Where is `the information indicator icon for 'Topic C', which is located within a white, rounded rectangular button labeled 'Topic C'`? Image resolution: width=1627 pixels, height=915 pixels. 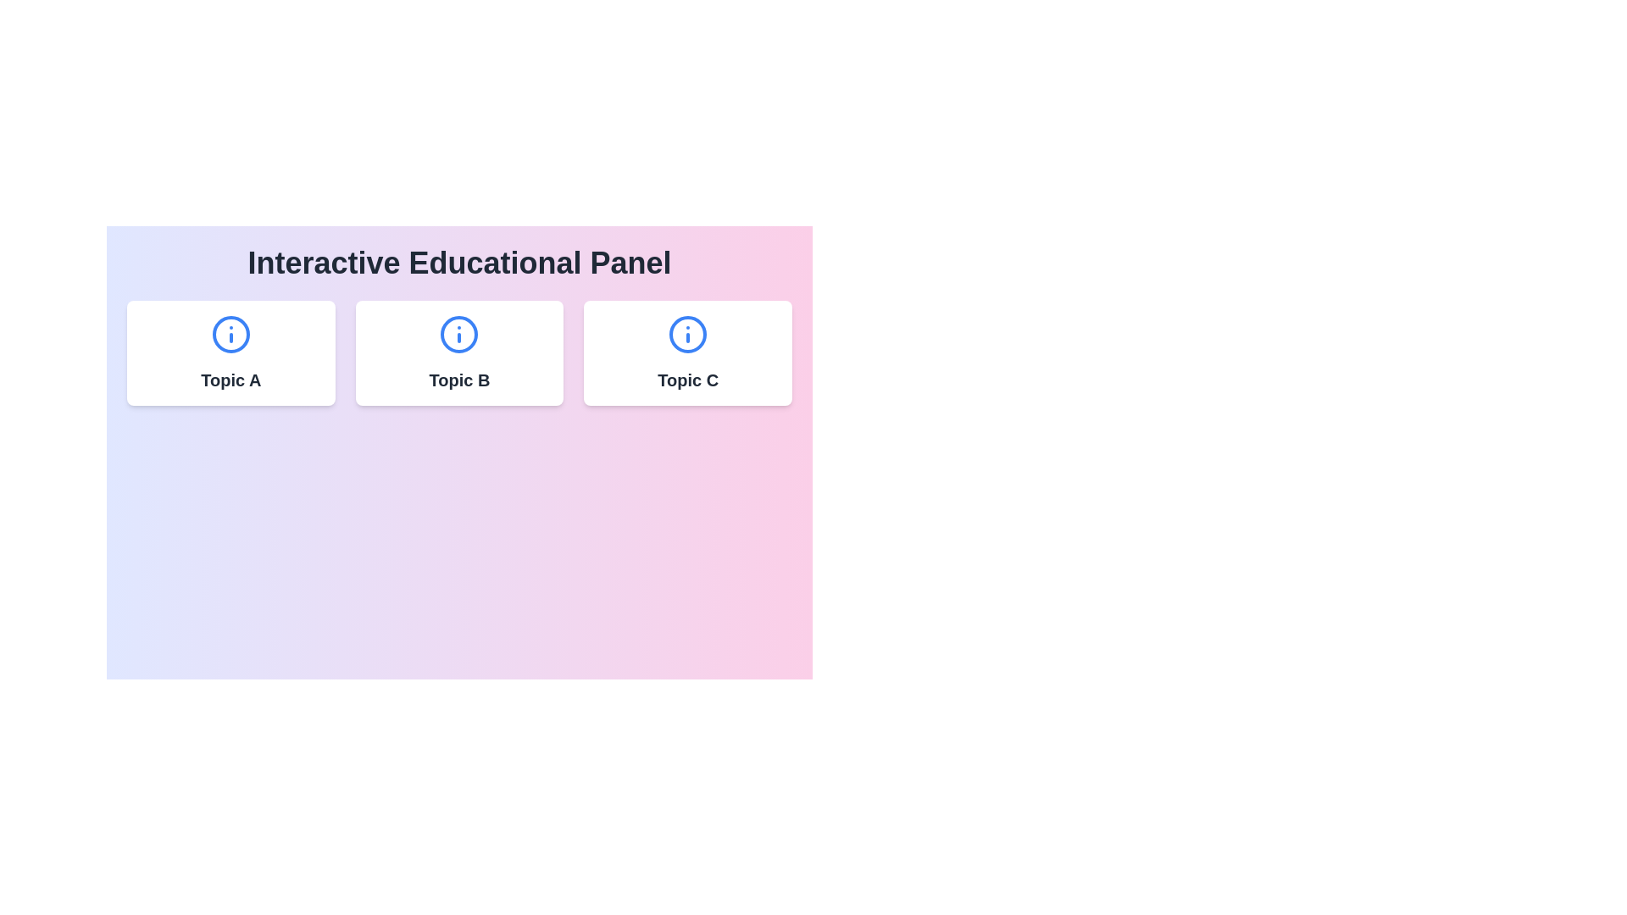
the information indicator icon for 'Topic C', which is located within a white, rounded rectangular button labeled 'Topic C' is located at coordinates (688, 334).